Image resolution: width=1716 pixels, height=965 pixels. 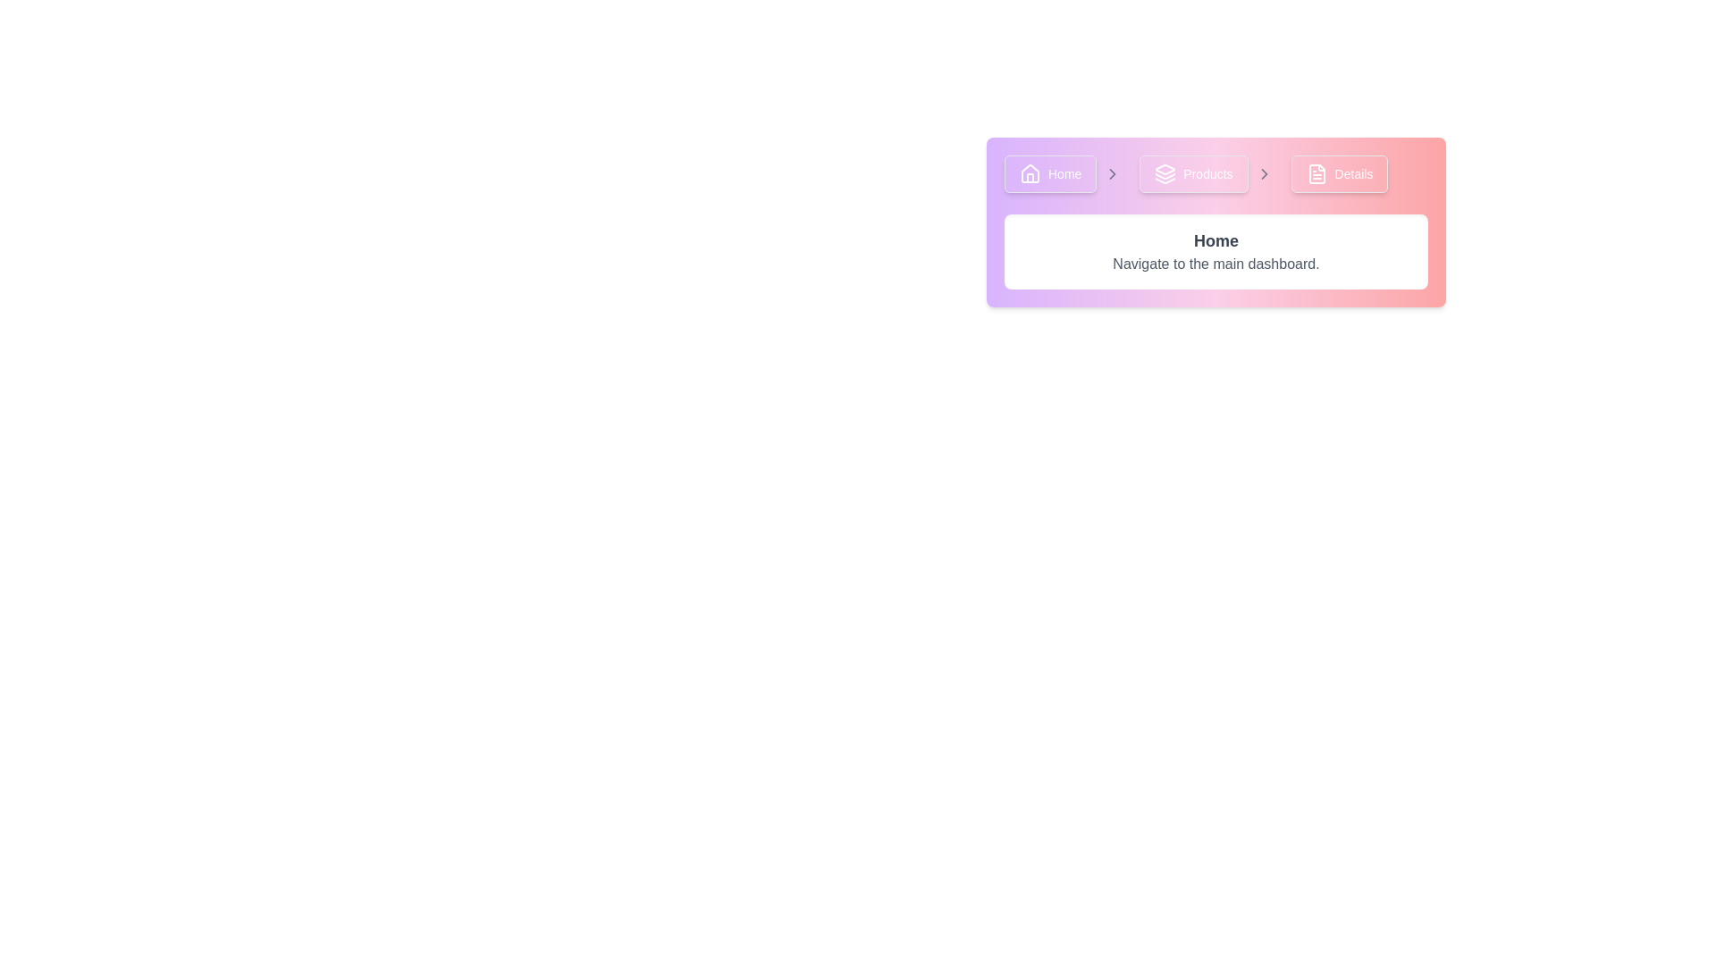 What do you see at coordinates (1066, 174) in the screenshot?
I see `the 'Home' button which is the first button in the navigation bar, featuring a house icon on the left and a chevron symbol on the right` at bounding box center [1066, 174].